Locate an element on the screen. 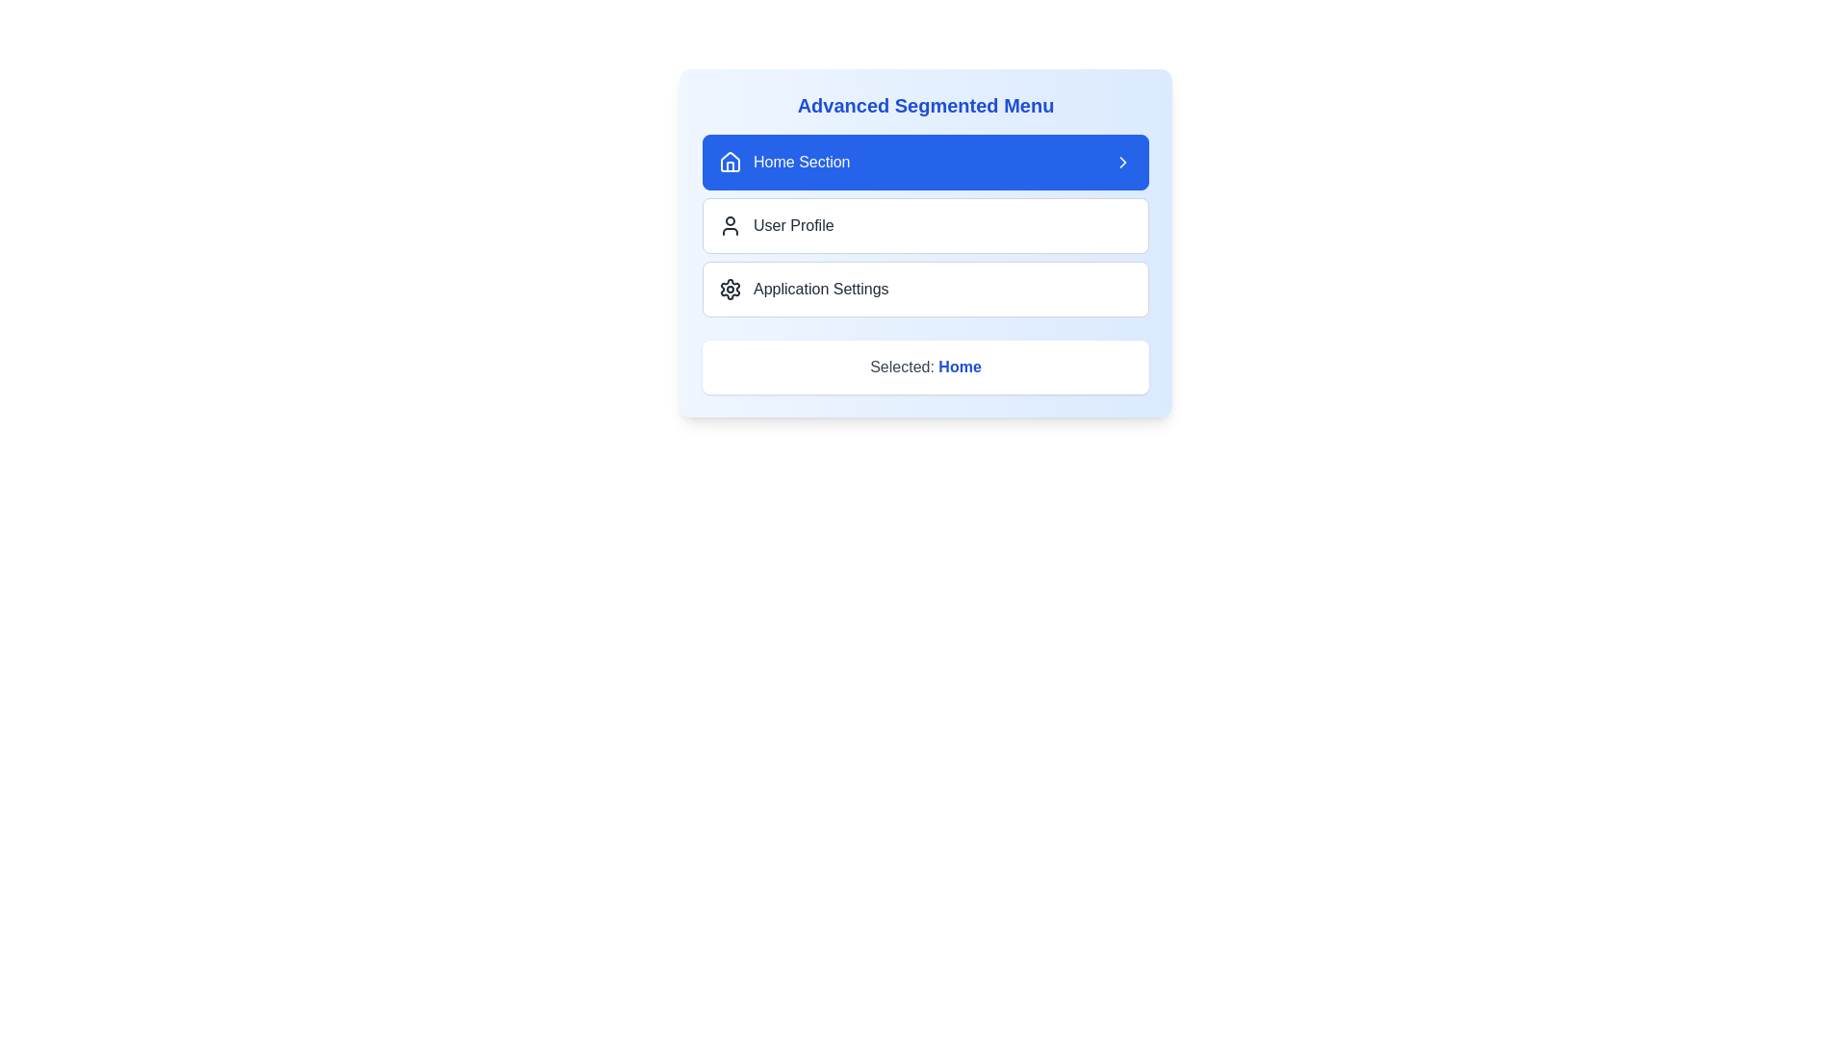  the 'User Profile' menu item is located at coordinates (925, 225).